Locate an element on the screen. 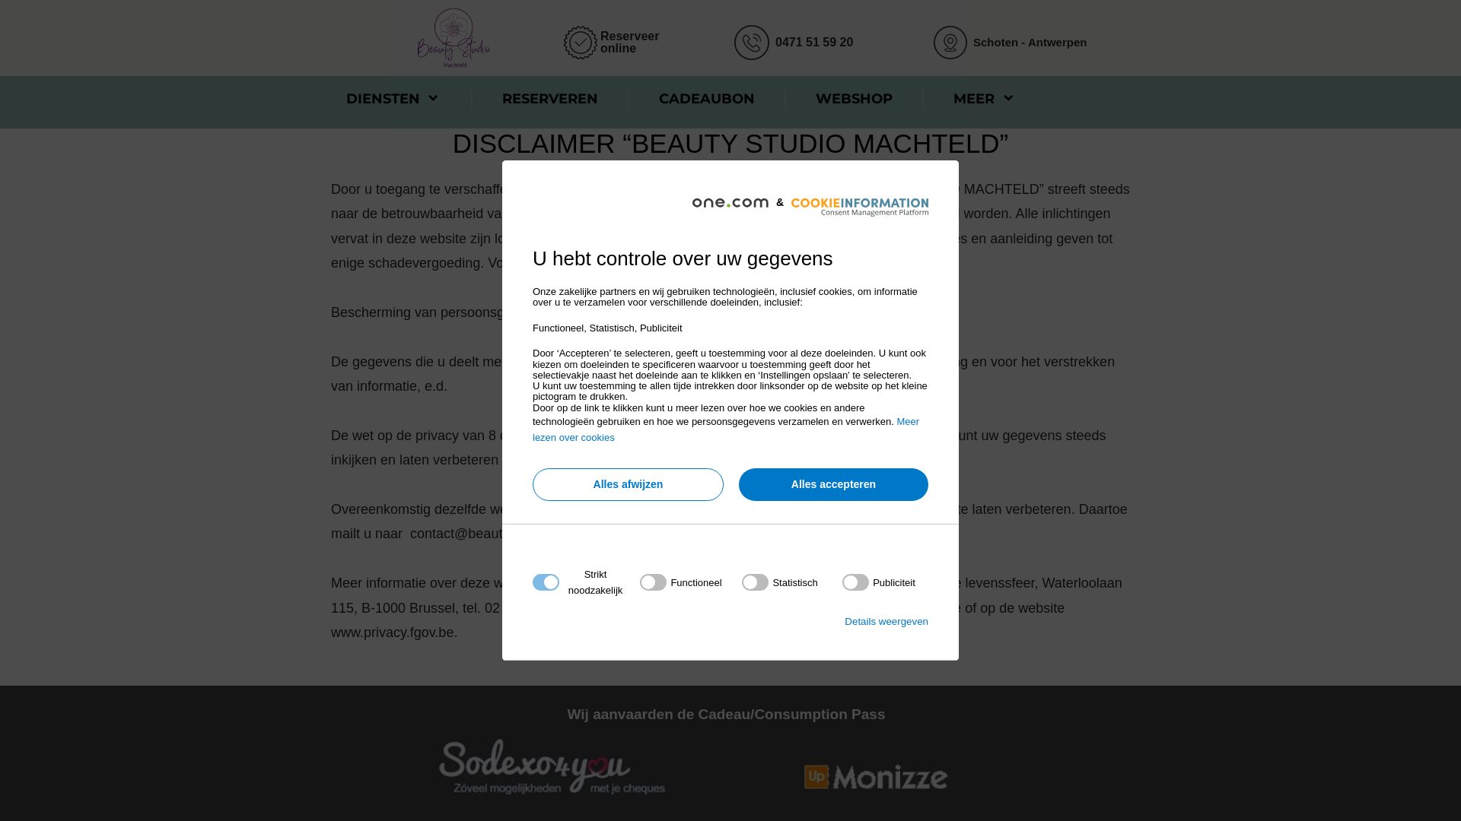  'MEER' is located at coordinates (985, 99).